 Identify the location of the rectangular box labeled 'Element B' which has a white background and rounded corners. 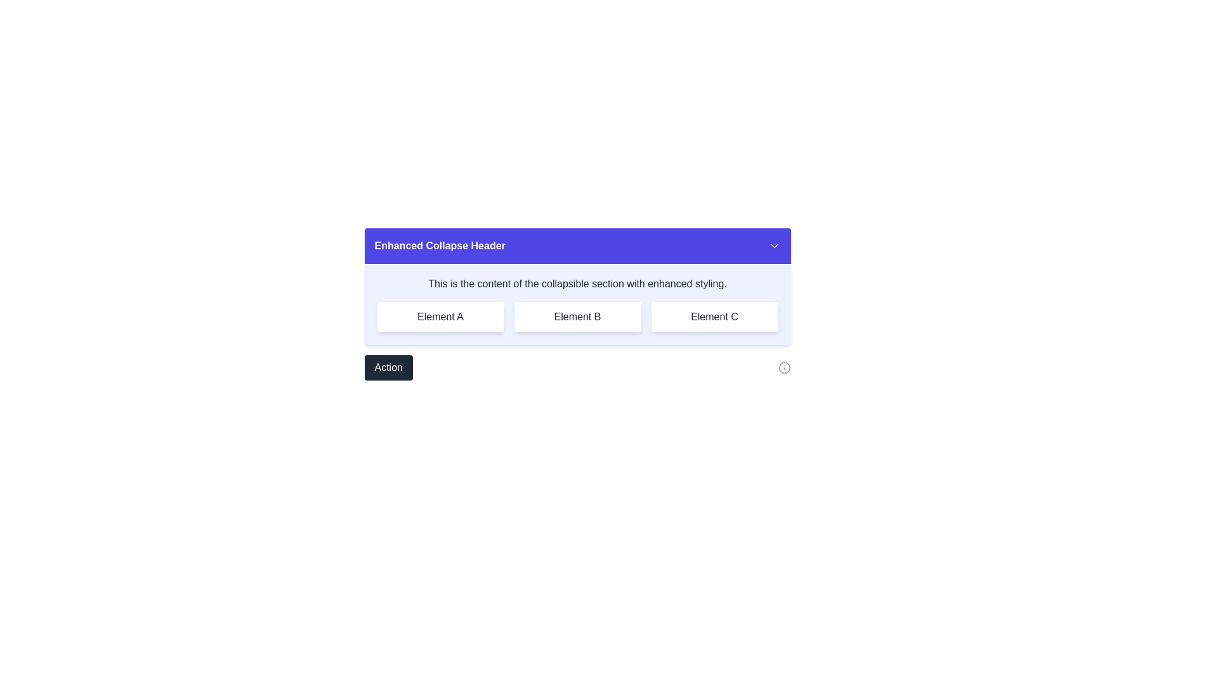
(577, 316).